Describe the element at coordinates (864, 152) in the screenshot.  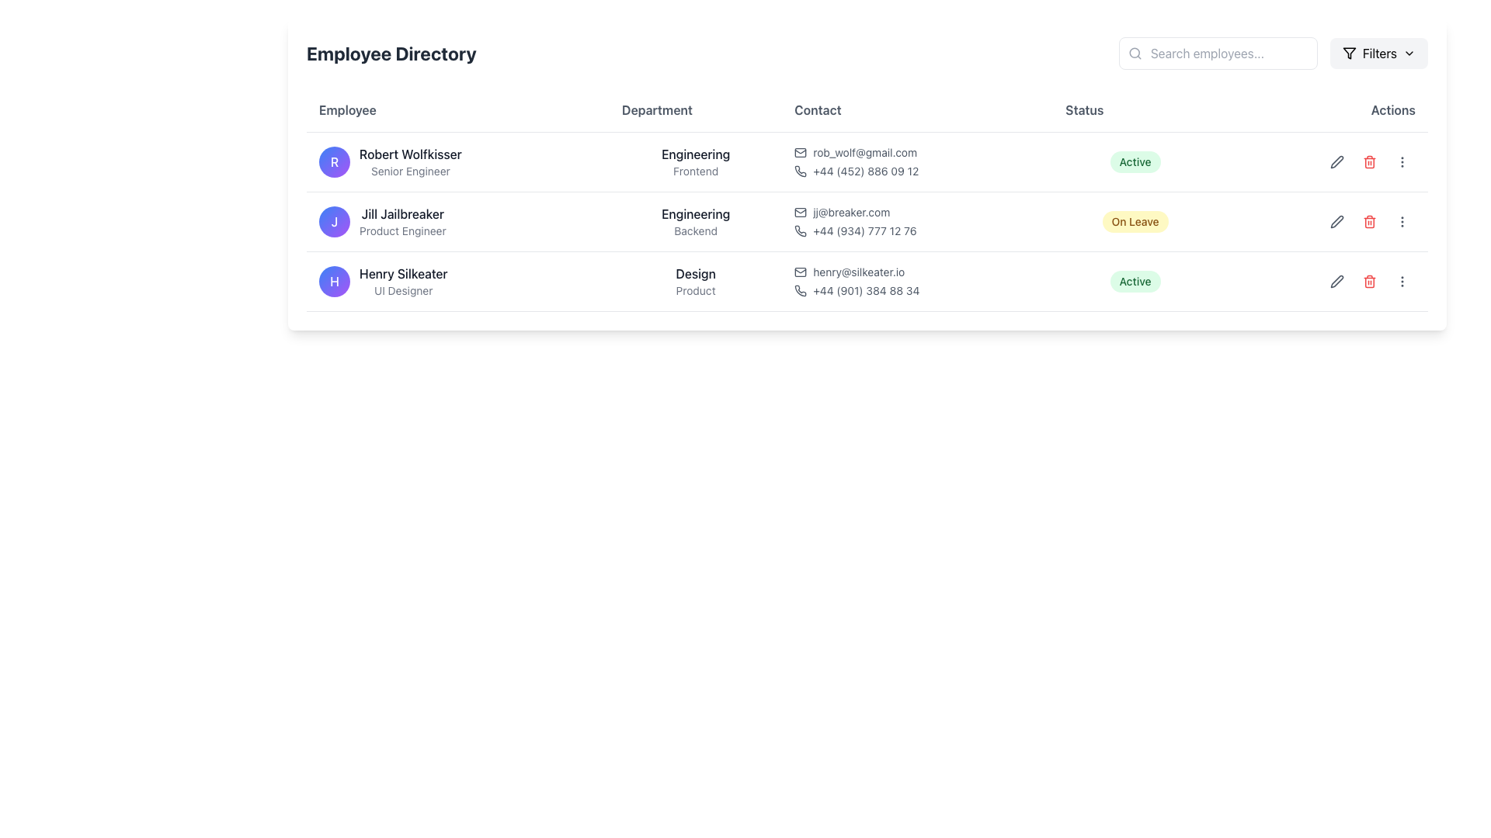
I see `the email address text label of 'Robert Wolfkisser' in the 'Contact' column, which provides the individual's email information` at that location.